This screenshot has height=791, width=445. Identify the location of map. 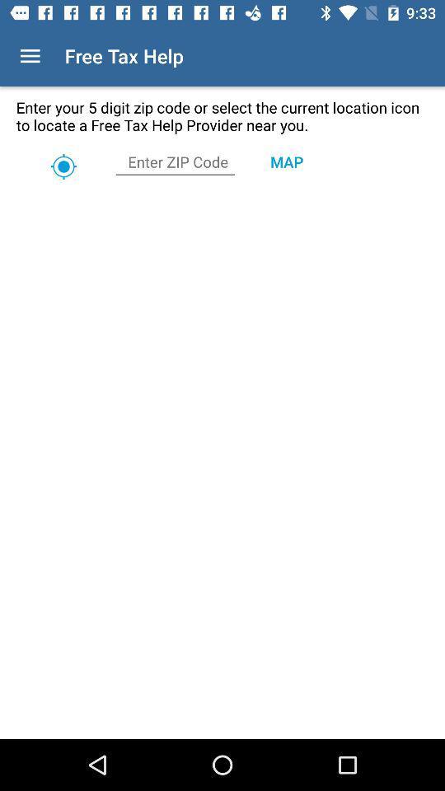
(285, 161).